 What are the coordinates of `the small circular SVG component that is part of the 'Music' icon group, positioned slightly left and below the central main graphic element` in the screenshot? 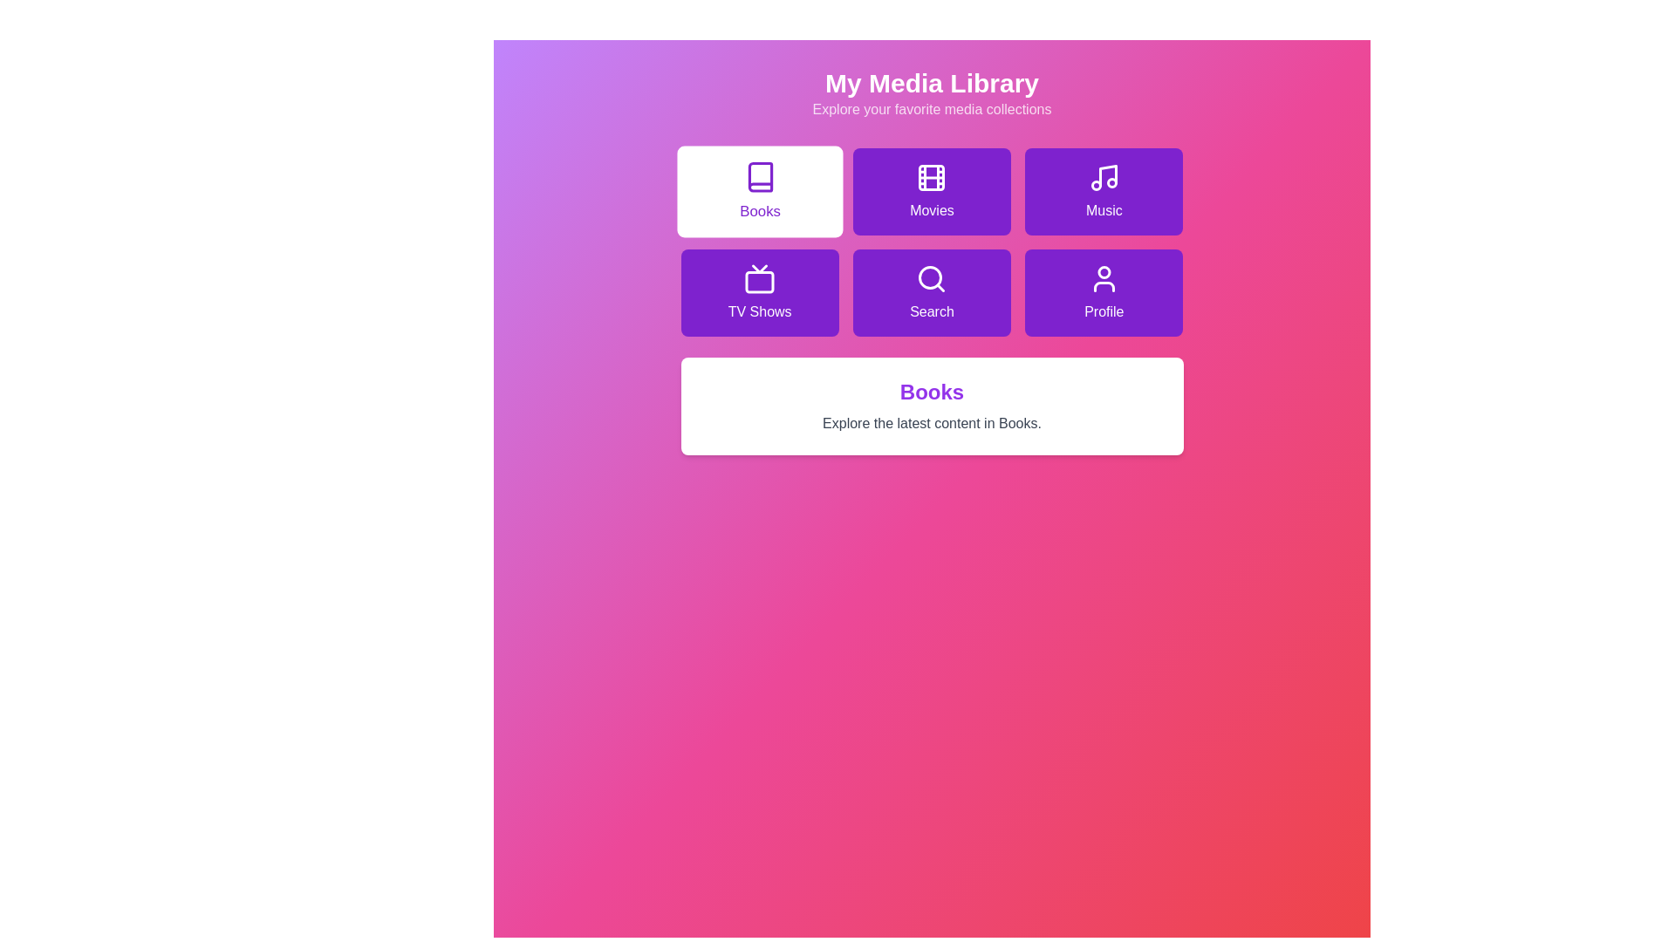 It's located at (1095, 185).